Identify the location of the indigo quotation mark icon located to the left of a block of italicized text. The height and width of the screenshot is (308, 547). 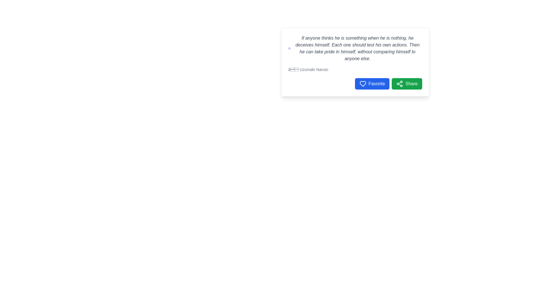
(289, 48).